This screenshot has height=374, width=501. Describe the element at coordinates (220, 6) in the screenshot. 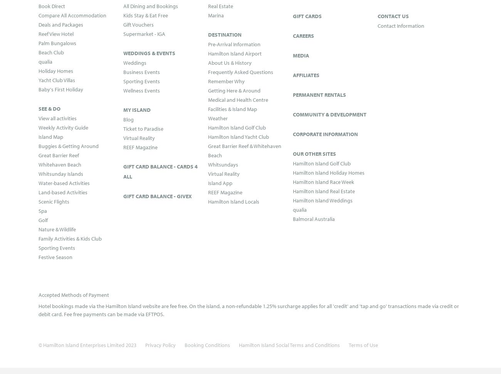

I see `'Real Estate'` at that location.